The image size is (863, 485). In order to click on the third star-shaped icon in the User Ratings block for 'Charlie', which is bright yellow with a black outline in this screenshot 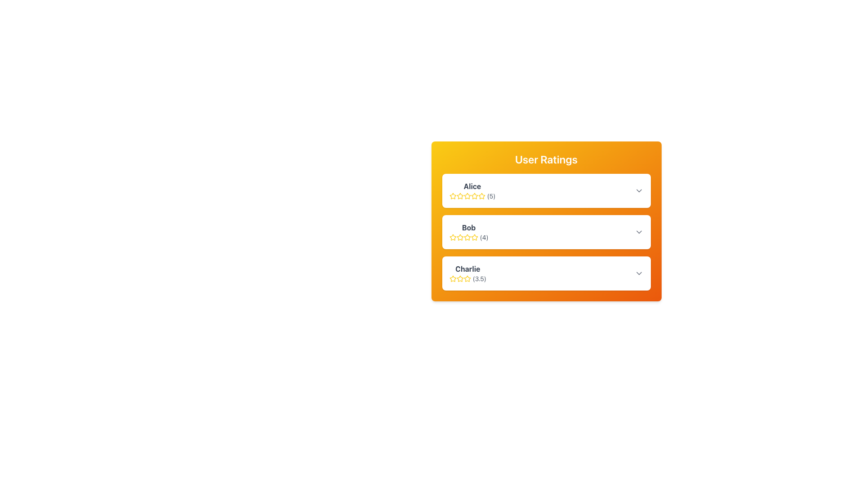, I will do `click(460, 278)`.